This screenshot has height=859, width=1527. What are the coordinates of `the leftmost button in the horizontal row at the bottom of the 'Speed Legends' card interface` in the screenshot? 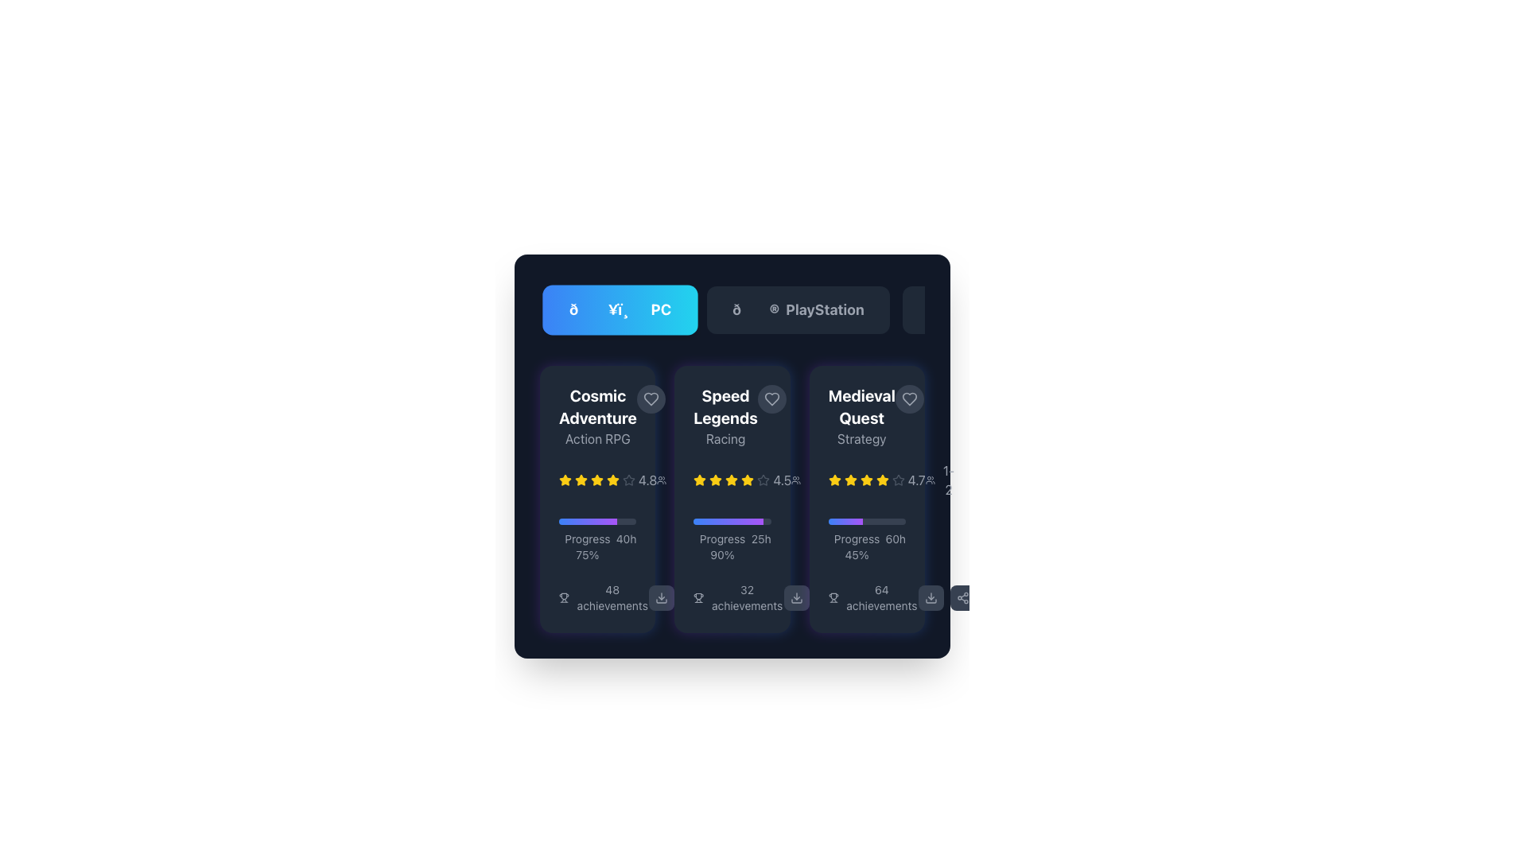 It's located at (678, 598).